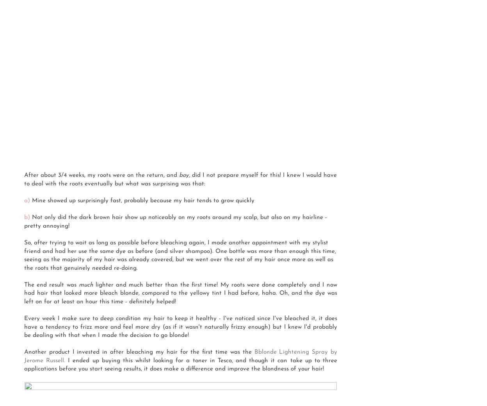 The width and height of the screenshot is (487, 406). What do you see at coordinates (51, 285) in the screenshot?
I see `'The end result was'` at bounding box center [51, 285].